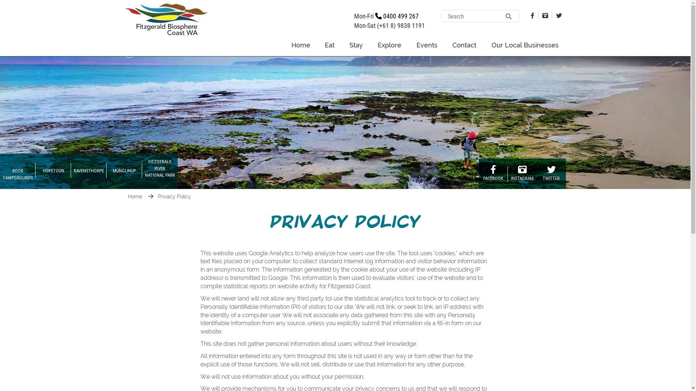 This screenshot has width=696, height=391. Describe the element at coordinates (536, 173) in the screenshot. I see `'TWITTER'` at that location.